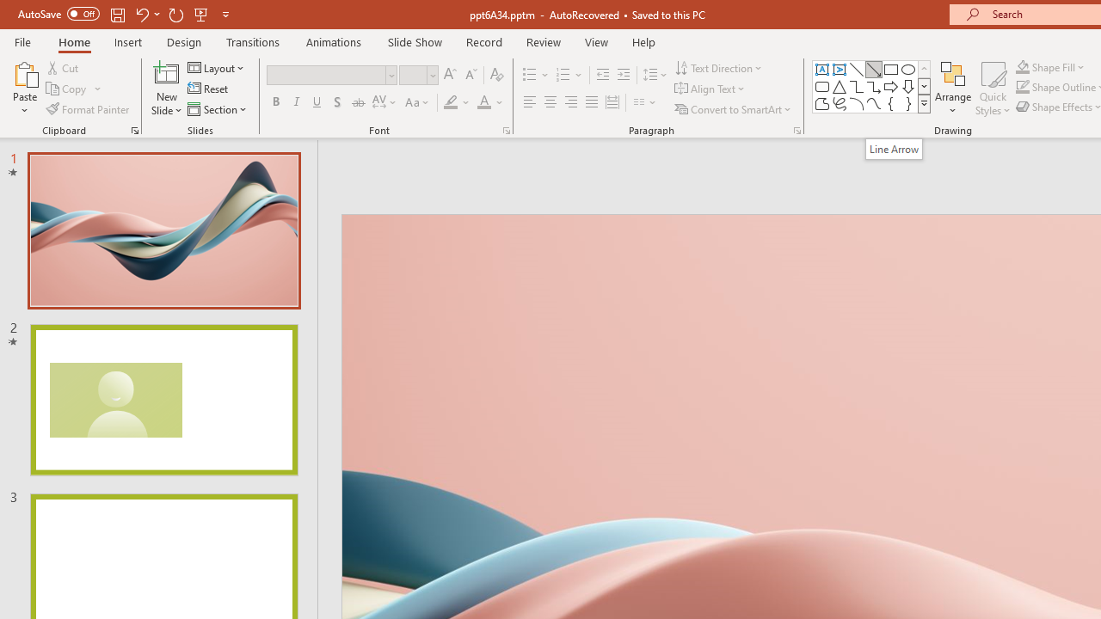 Image resolution: width=1101 pixels, height=619 pixels. Describe the element at coordinates (218, 109) in the screenshot. I see `'Section'` at that location.